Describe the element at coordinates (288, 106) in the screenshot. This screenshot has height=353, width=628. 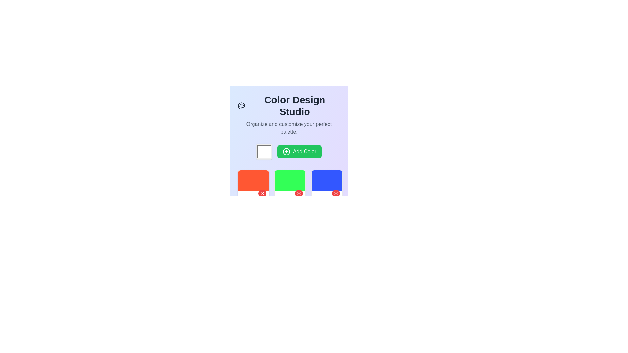
I see `main title text label of the design studio for colors, which is centrally aligned at the top of the section` at that location.